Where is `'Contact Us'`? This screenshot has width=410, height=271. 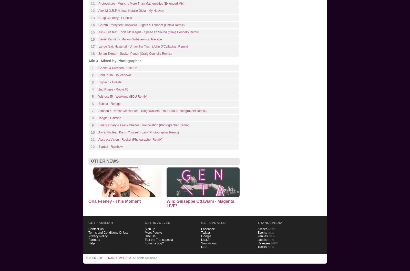
'Contact Us' is located at coordinates (96, 229).